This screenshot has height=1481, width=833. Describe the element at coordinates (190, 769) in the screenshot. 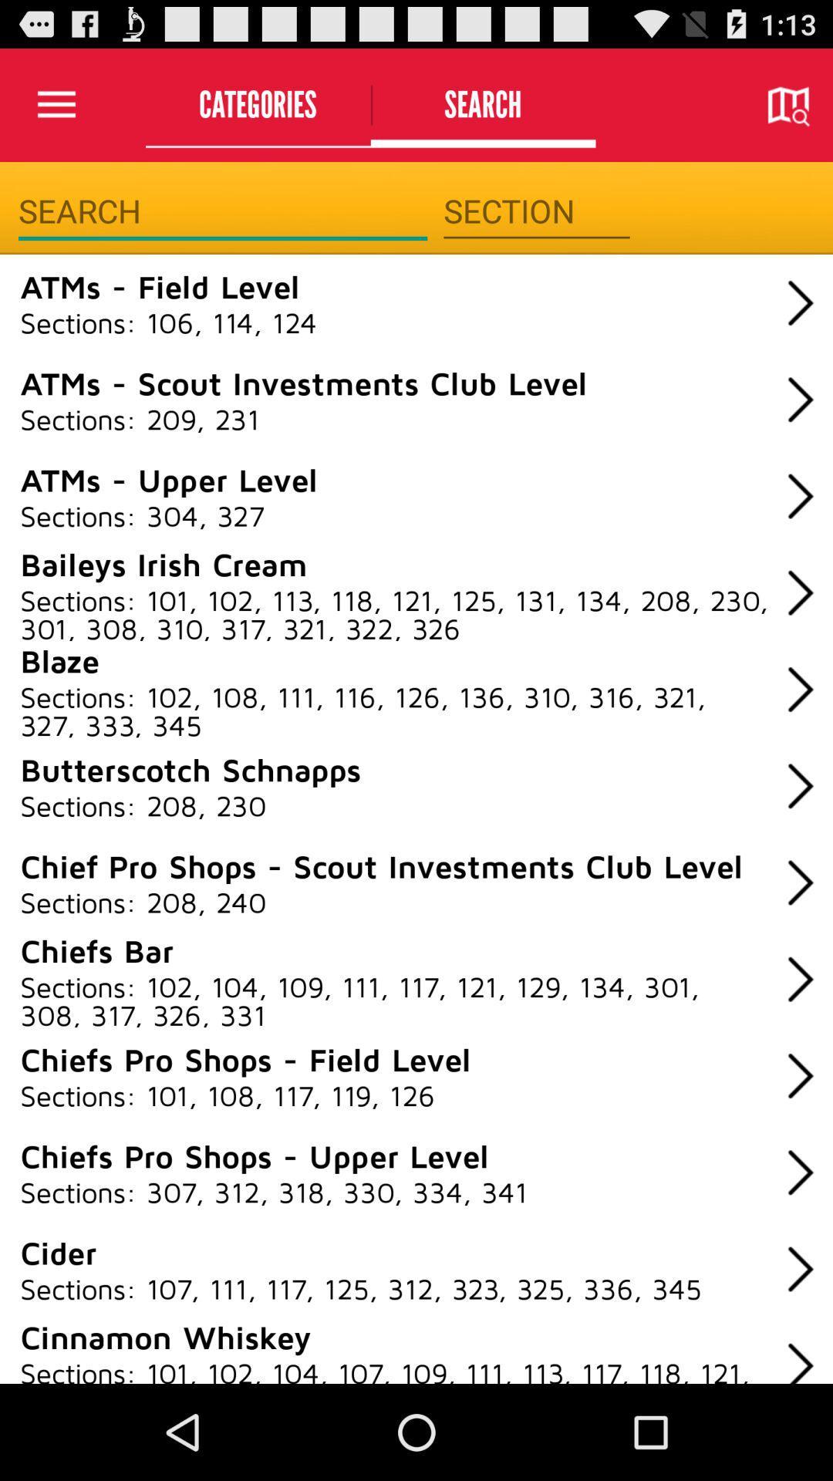

I see `the icon below sections 102 108` at that location.